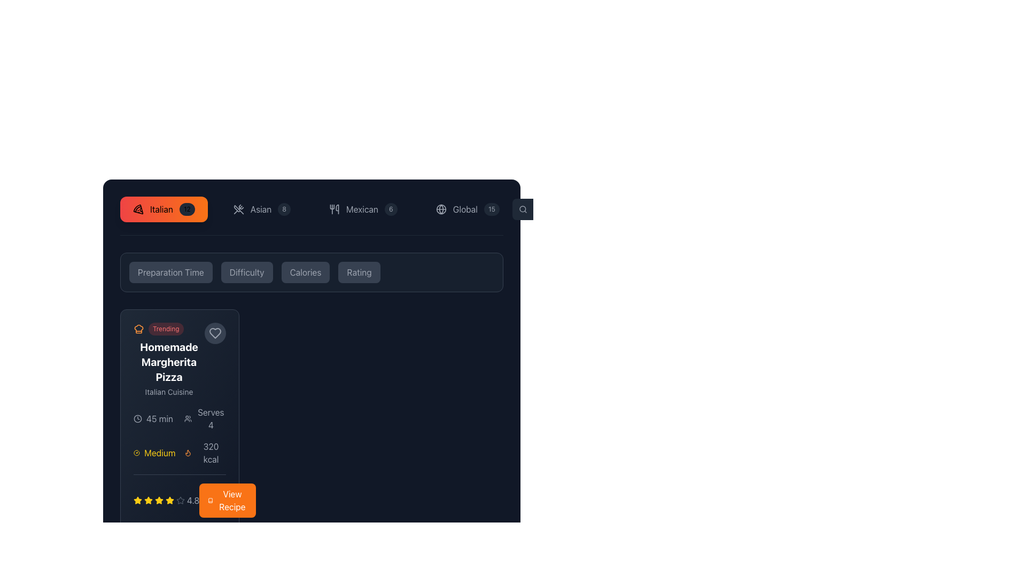 The height and width of the screenshot is (577, 1026). Describe the element at coordinates (169, 501) in the screenshot. I see `the sixth star icon, which is a yellow star shaped like a rating indicator and part of a group of similar icons below food item information` at that location.